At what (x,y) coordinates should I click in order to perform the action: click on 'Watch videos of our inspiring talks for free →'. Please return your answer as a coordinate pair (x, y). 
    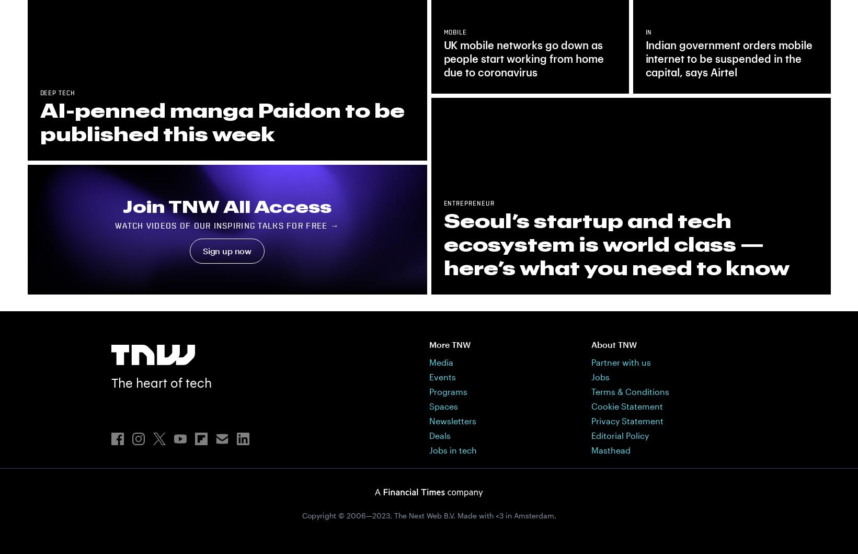
    Looking at the image, I should click on (226, 225).